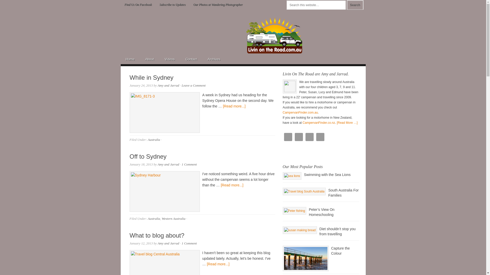  I want to click on 'Our Photos at Wandering Photographer', so click(189, 4).